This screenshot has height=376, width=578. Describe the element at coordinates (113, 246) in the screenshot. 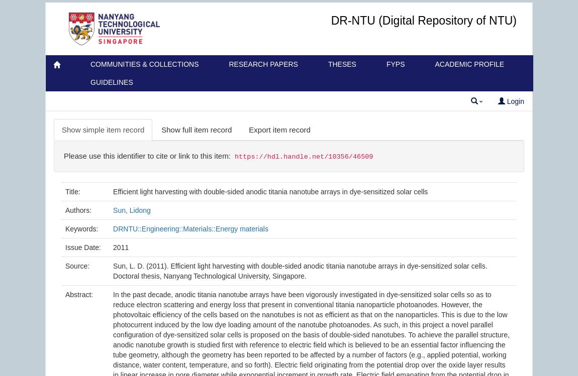

I see `'2011'` at that location.